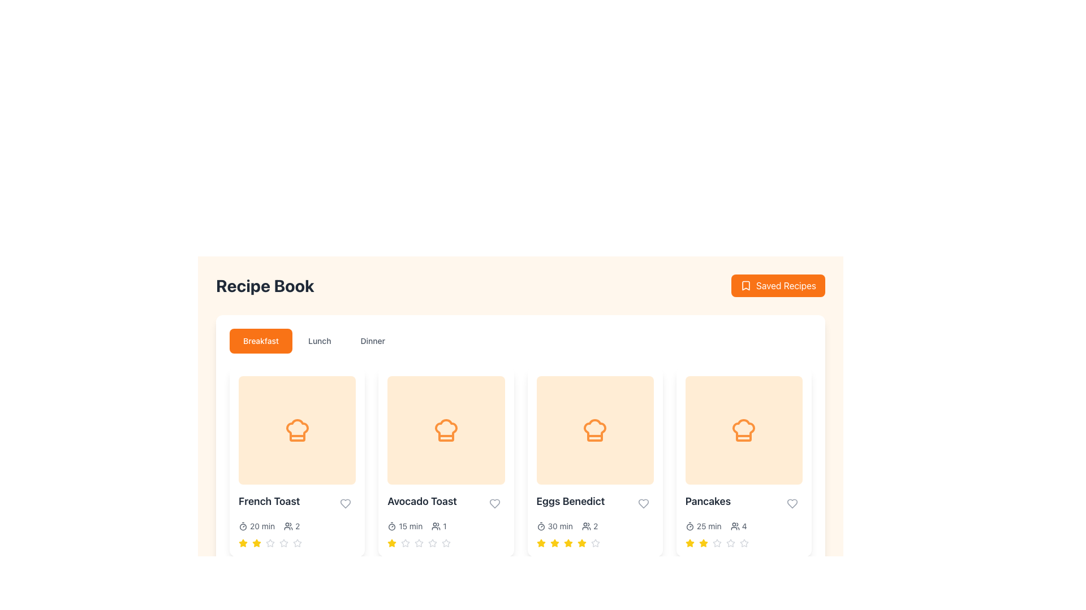 This screenshot has height=610, width=1086. I want to click on the favorite button icon for the 'French Toast' recipe, so click(345, 503).